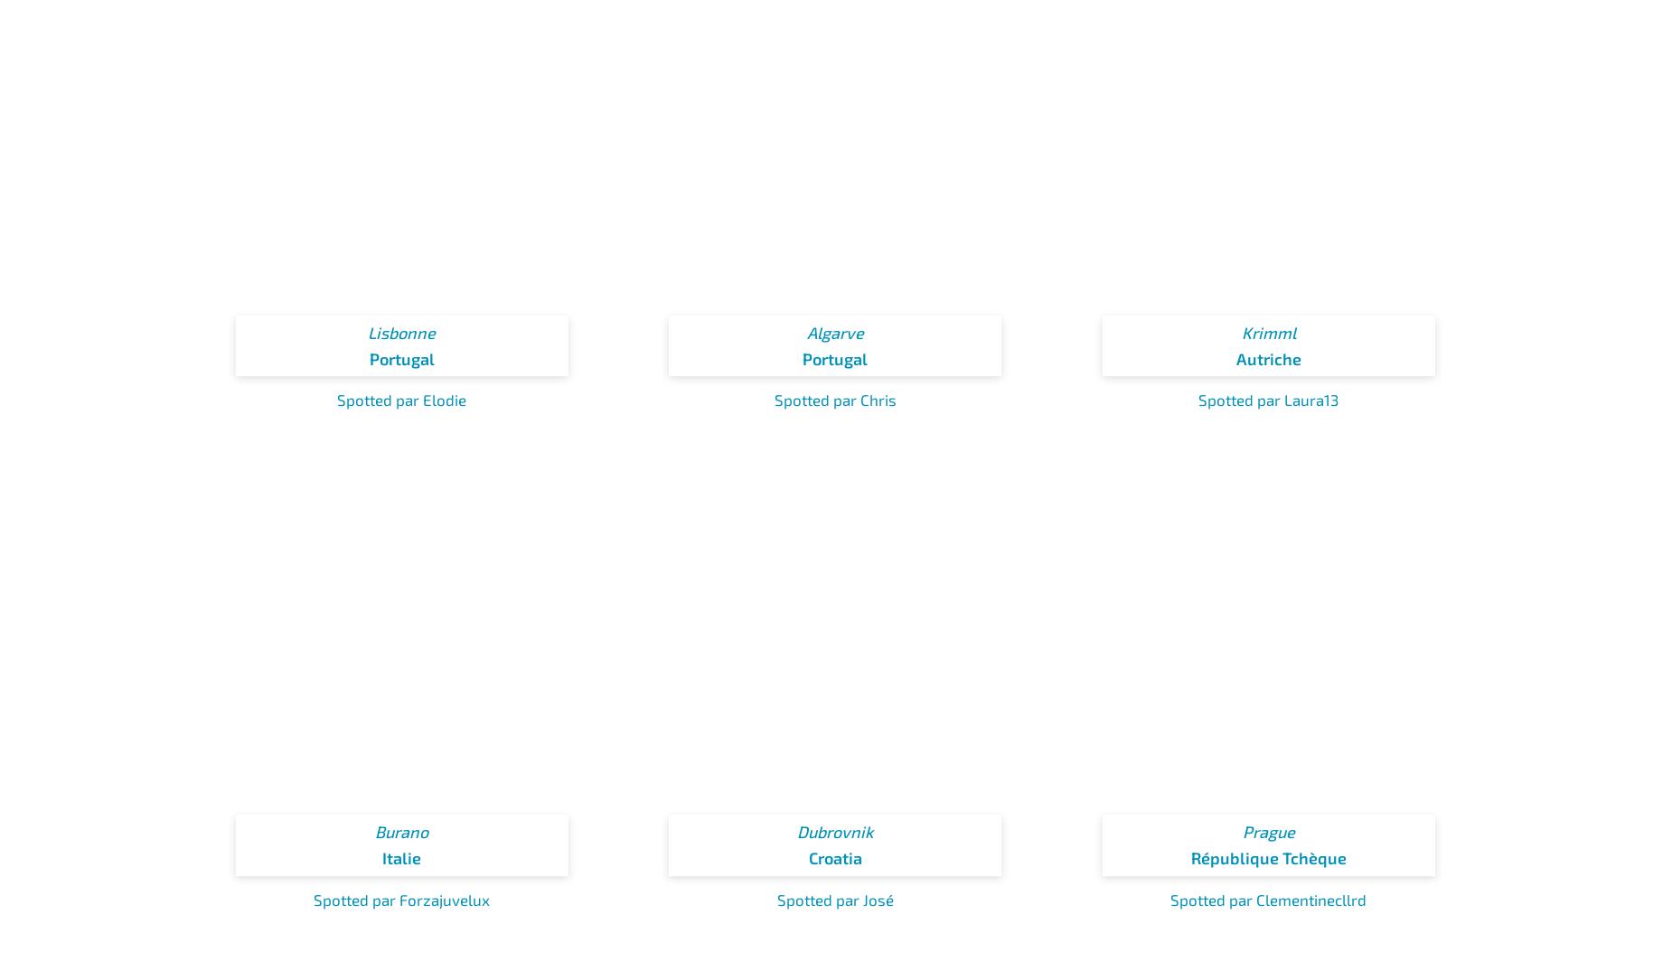  I want to click on 'Spotted par Clementinecllrd', so click(1268, 897).